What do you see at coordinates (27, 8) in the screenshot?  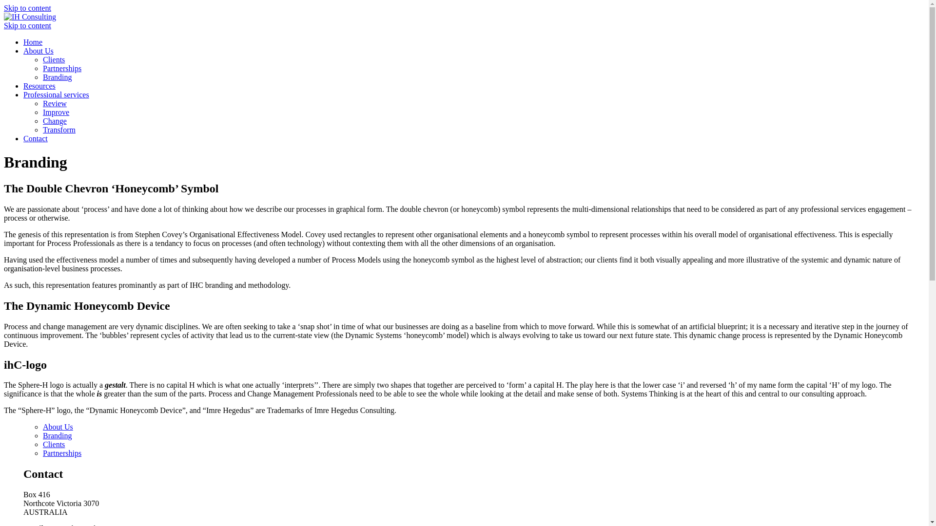 I see `'Skip to content'` at bounding box center [27, 8].